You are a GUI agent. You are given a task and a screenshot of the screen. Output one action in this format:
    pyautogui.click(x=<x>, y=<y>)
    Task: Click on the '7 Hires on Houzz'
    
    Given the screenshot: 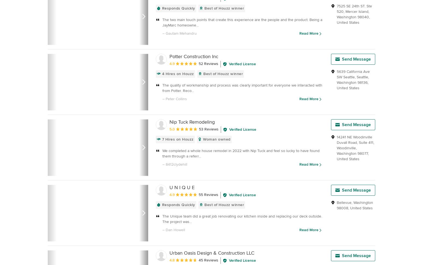 What is the action you would take?
    pyautogui.click(x=177, y=139)
    